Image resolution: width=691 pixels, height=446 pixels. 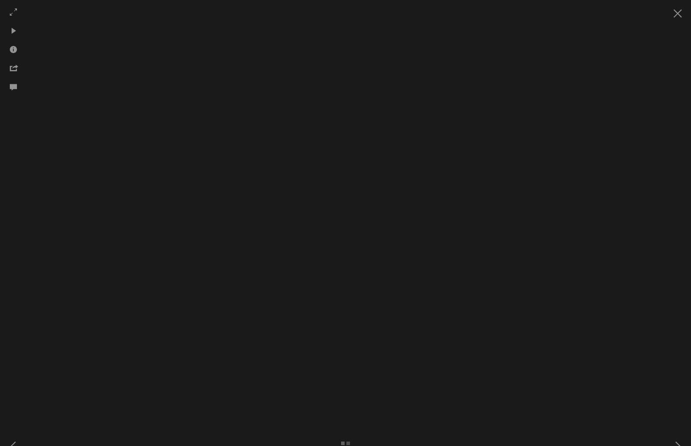 I want to click on 'Dragon flies', so click(x=156, y=103).